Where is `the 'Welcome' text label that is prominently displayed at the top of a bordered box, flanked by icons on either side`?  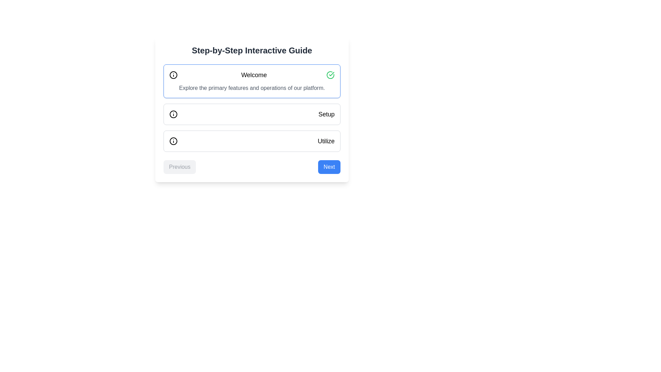 the 'Welcome' text label that is prominently displayed at the top of a bordered box, flanked by icons on either side is located at coordinates (251, 75).